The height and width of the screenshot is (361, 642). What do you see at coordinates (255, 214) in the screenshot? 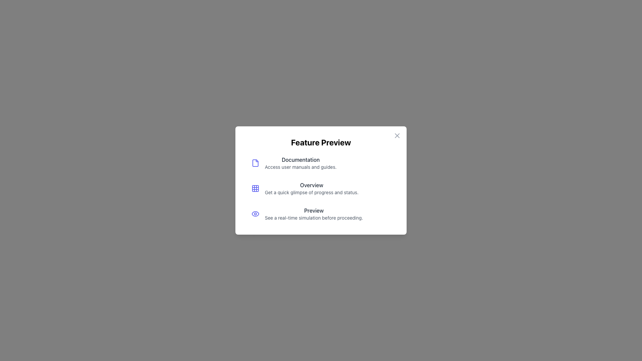
I see `the decorative 'preview' icon located on the left side of the 'Preview' label text in the feature preview modal` at bounding box center [255, 214].